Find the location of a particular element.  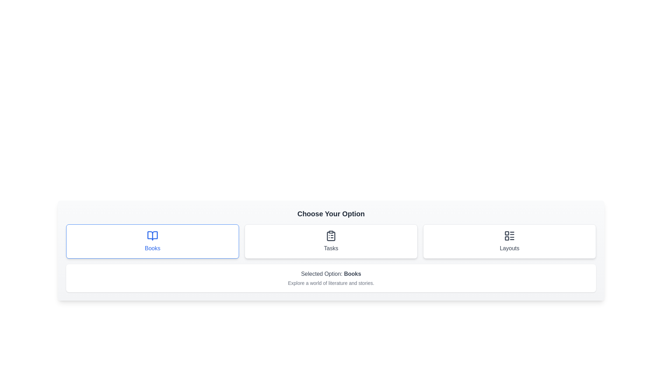

the text label displaying the word 'Layouts', which is styled with dark grey color and is centrally aligned within a white rounded rectangle area, located towards the right side of the interface is located at coordinates (509, 248).